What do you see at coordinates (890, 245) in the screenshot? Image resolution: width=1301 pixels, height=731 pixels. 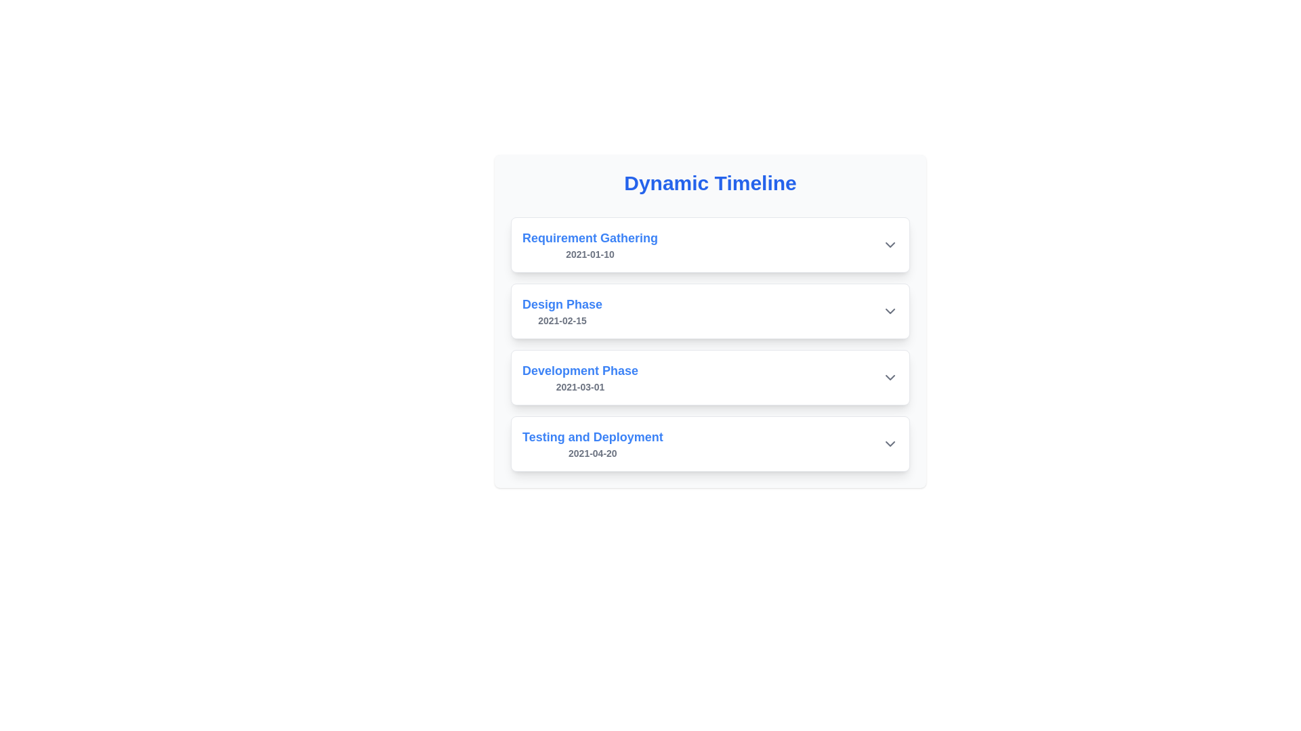 I see `the Chevron icon at the far-right end of the 'Requirement Gathering' section header` at bounding box center [890, 245].